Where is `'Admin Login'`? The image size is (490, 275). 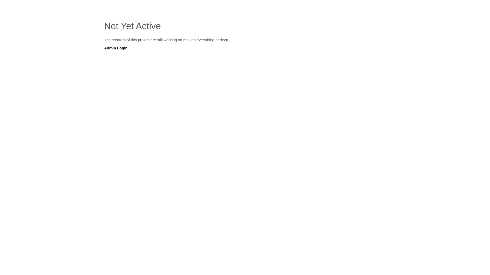
'Admin Login' is located at coordinates (116, 48).